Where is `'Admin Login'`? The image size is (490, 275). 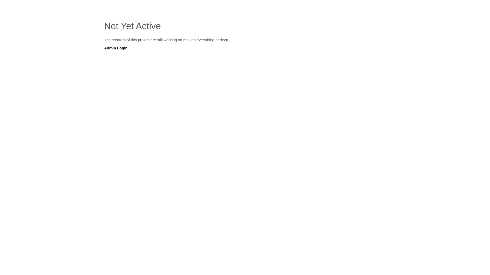
'Admin Login' is located at coordinates (116, 48).